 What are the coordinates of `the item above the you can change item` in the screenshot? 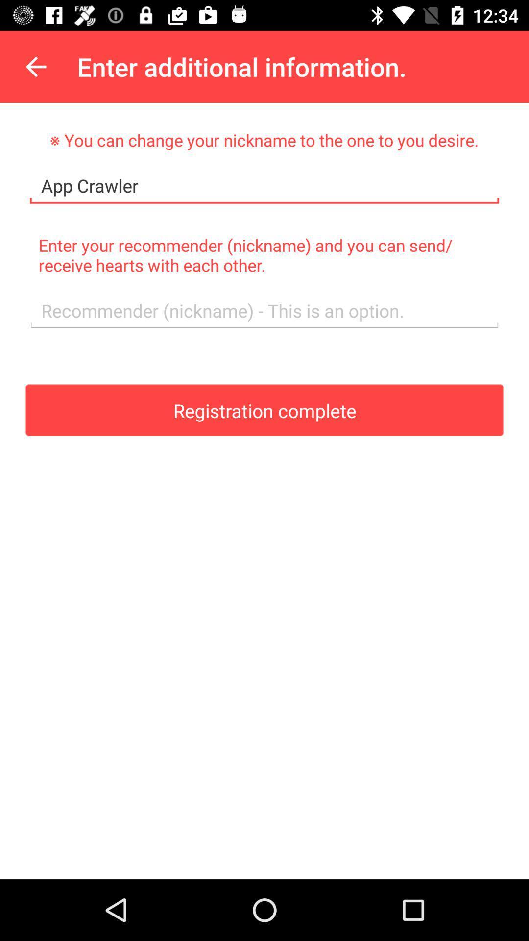 It's located at (35, 66).